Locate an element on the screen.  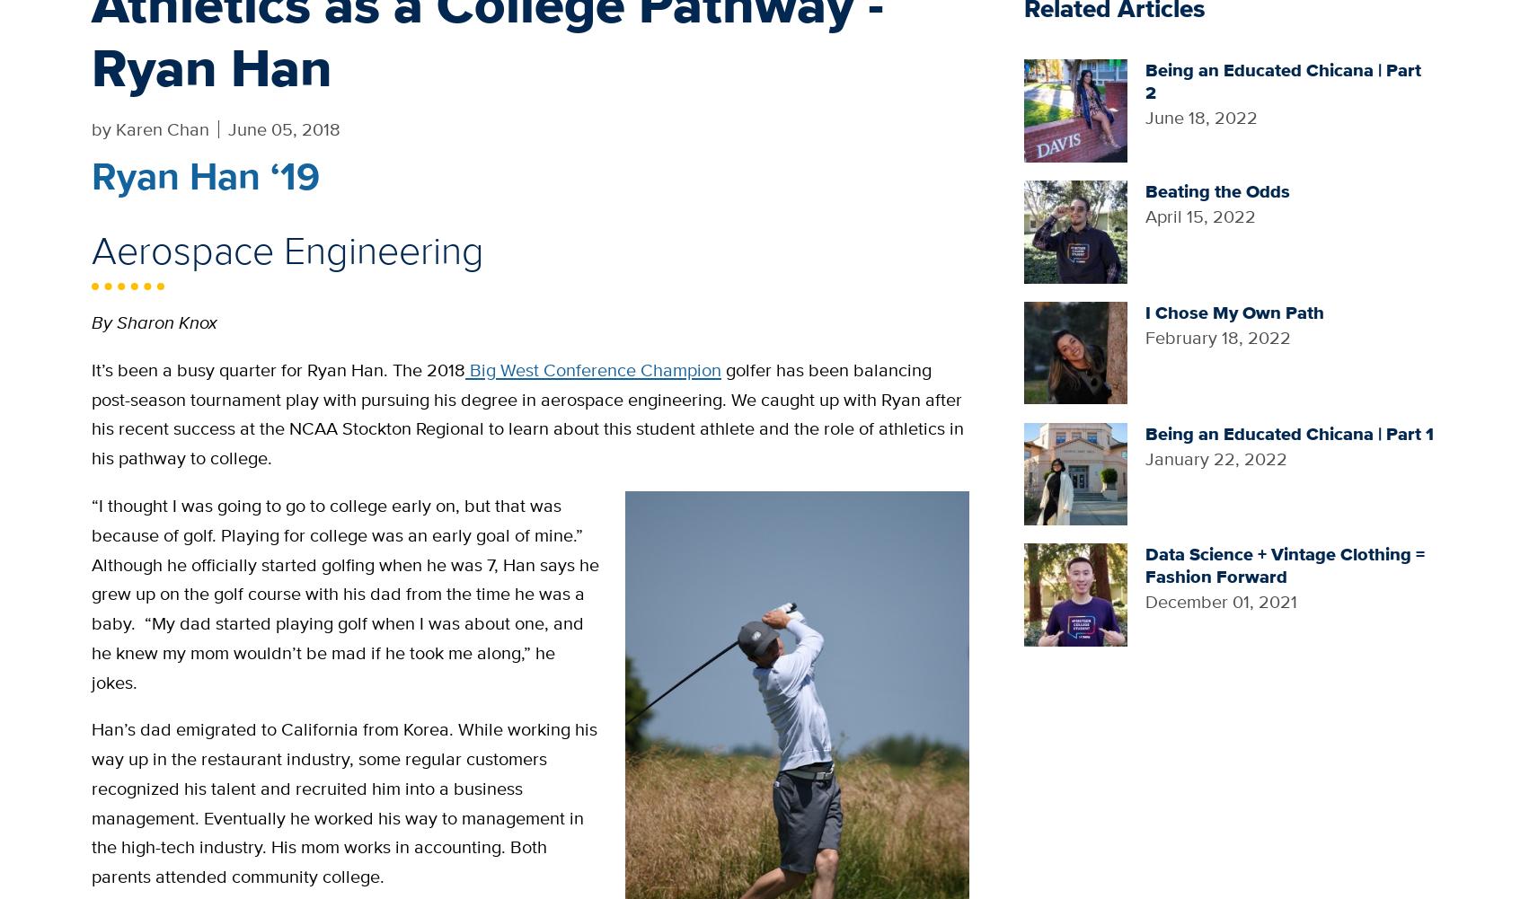
'Being an Educated Chicana | Part 1' is located at coordinates (1287, 432).